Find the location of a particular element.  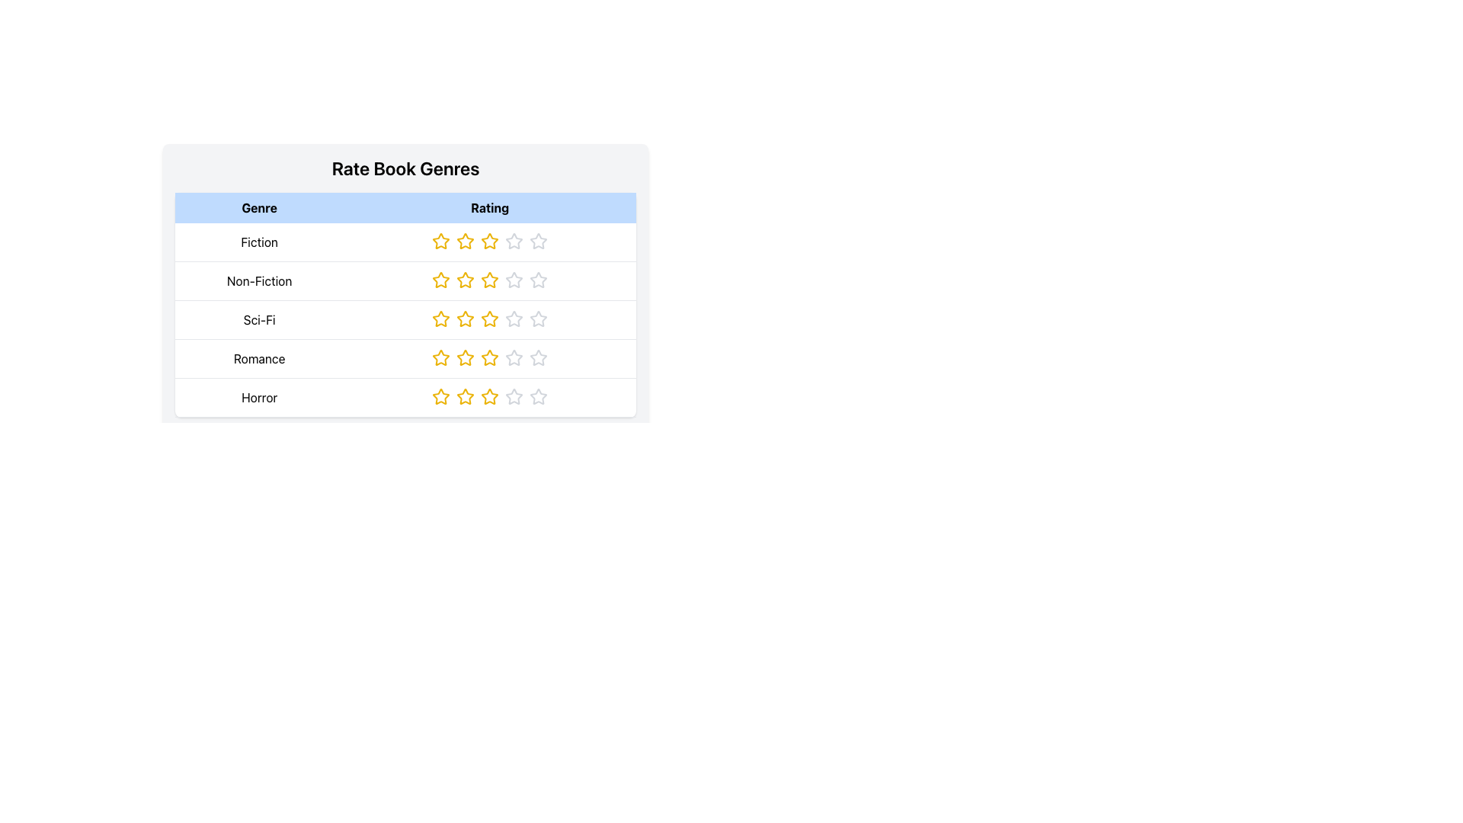

the fourth star icon in the rating system for the 'Fiction' genre is located at coordinates (514, 240).